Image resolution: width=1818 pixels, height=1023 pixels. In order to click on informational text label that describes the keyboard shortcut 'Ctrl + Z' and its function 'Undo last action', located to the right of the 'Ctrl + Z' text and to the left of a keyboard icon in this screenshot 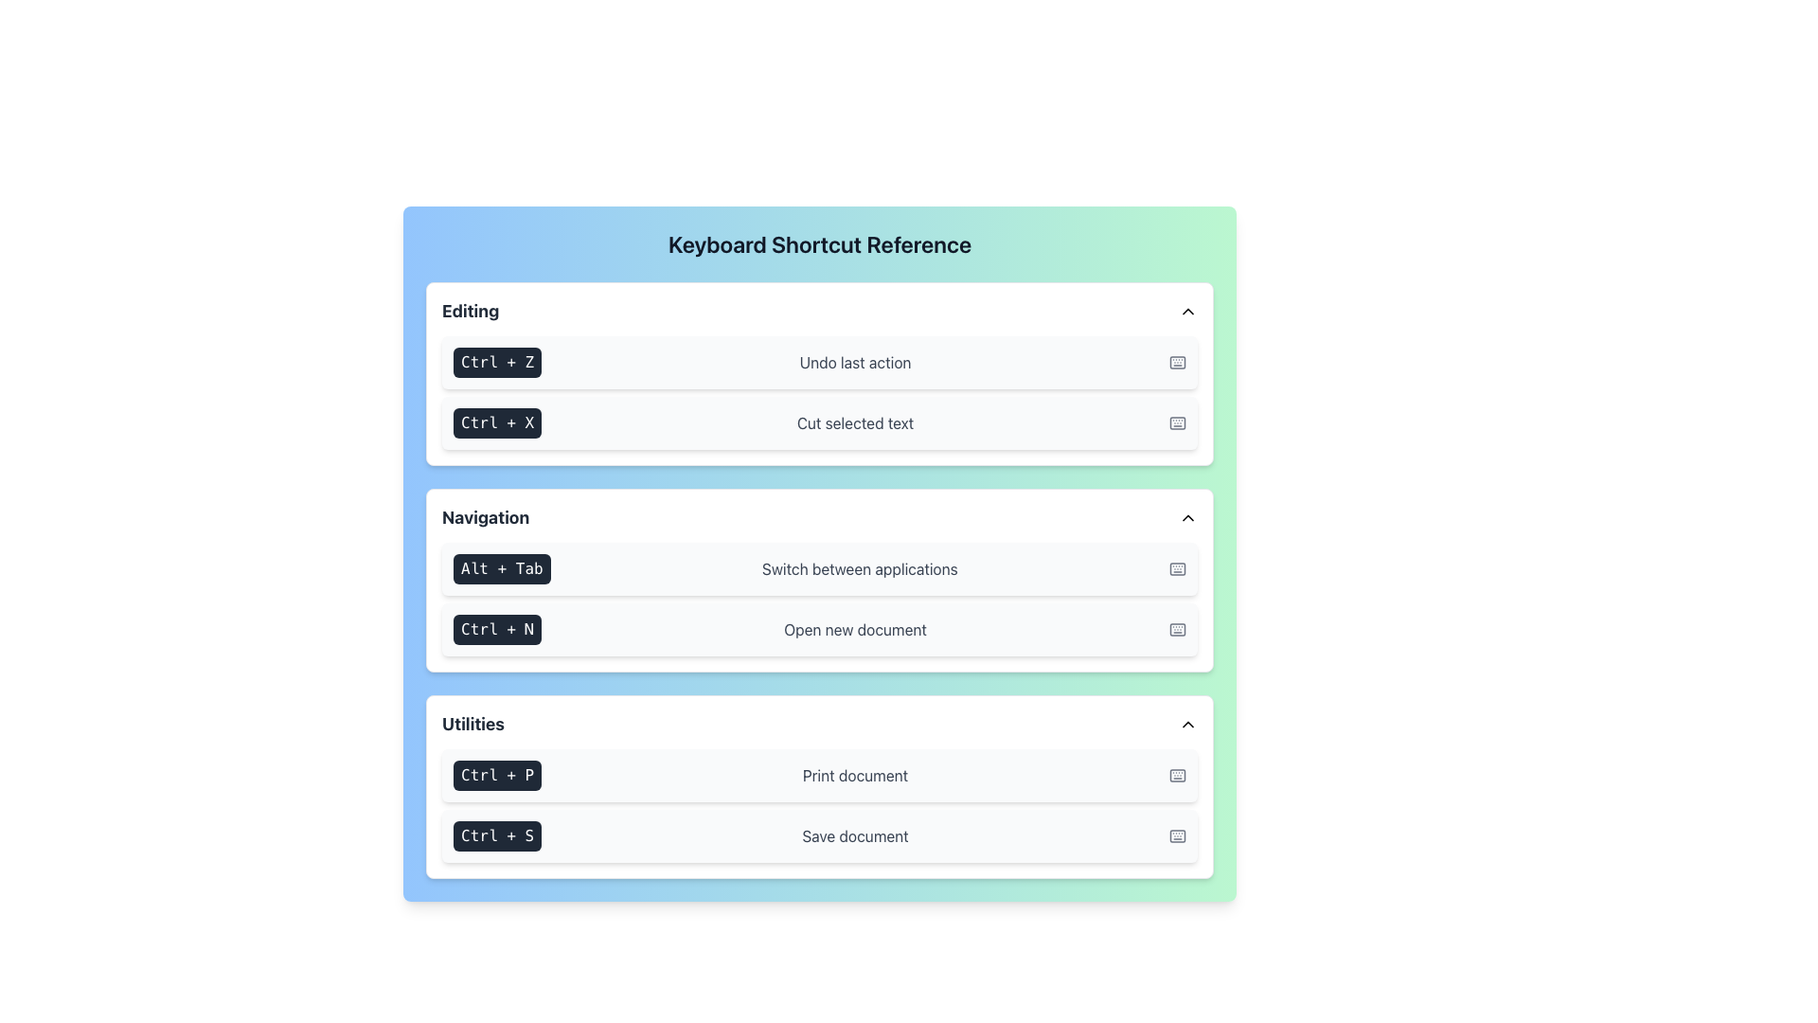, I will do `click(854, 362)`.